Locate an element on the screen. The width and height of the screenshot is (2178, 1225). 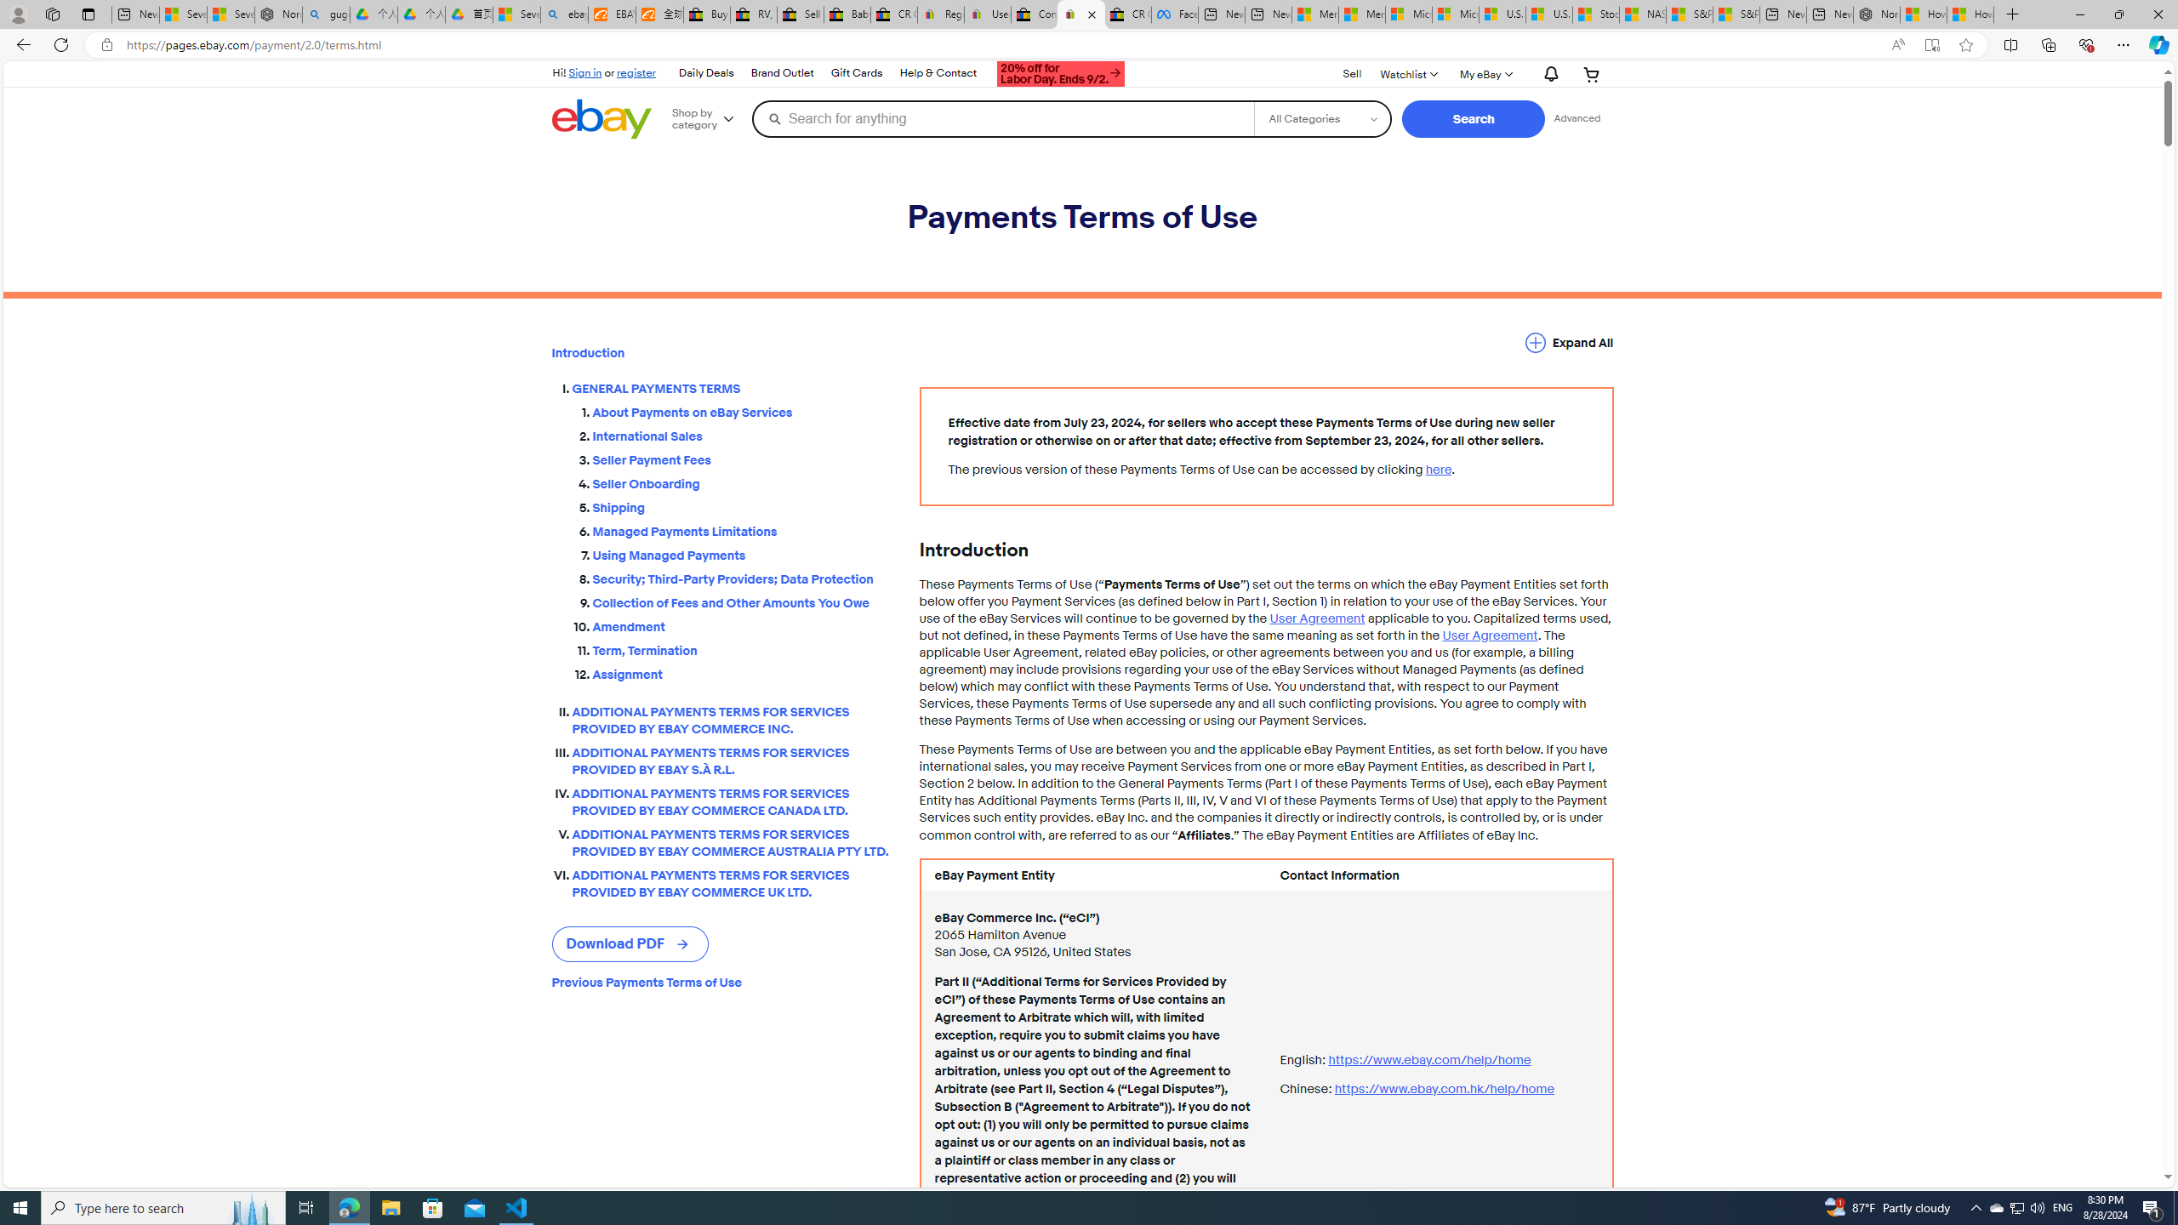
'About Payments on eBay Services' is located at coordinates (742, 413).